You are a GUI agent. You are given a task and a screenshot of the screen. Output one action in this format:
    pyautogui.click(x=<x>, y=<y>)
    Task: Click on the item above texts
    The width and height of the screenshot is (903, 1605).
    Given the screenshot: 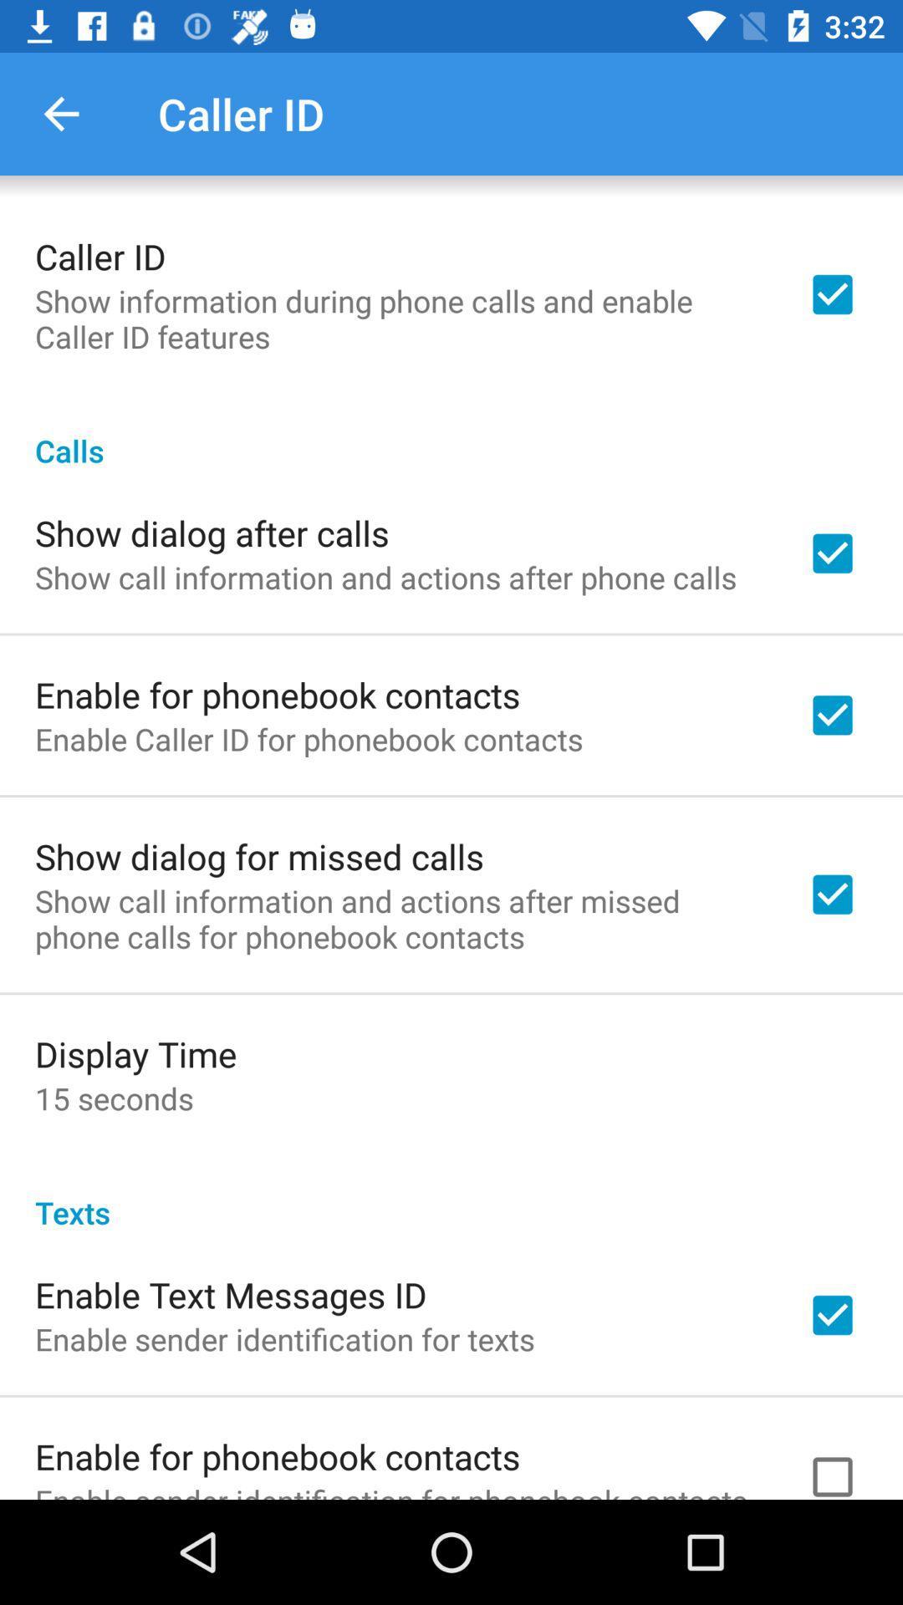 What is the action you would take?
    pyautogui.click(x=113, y=1098)
    